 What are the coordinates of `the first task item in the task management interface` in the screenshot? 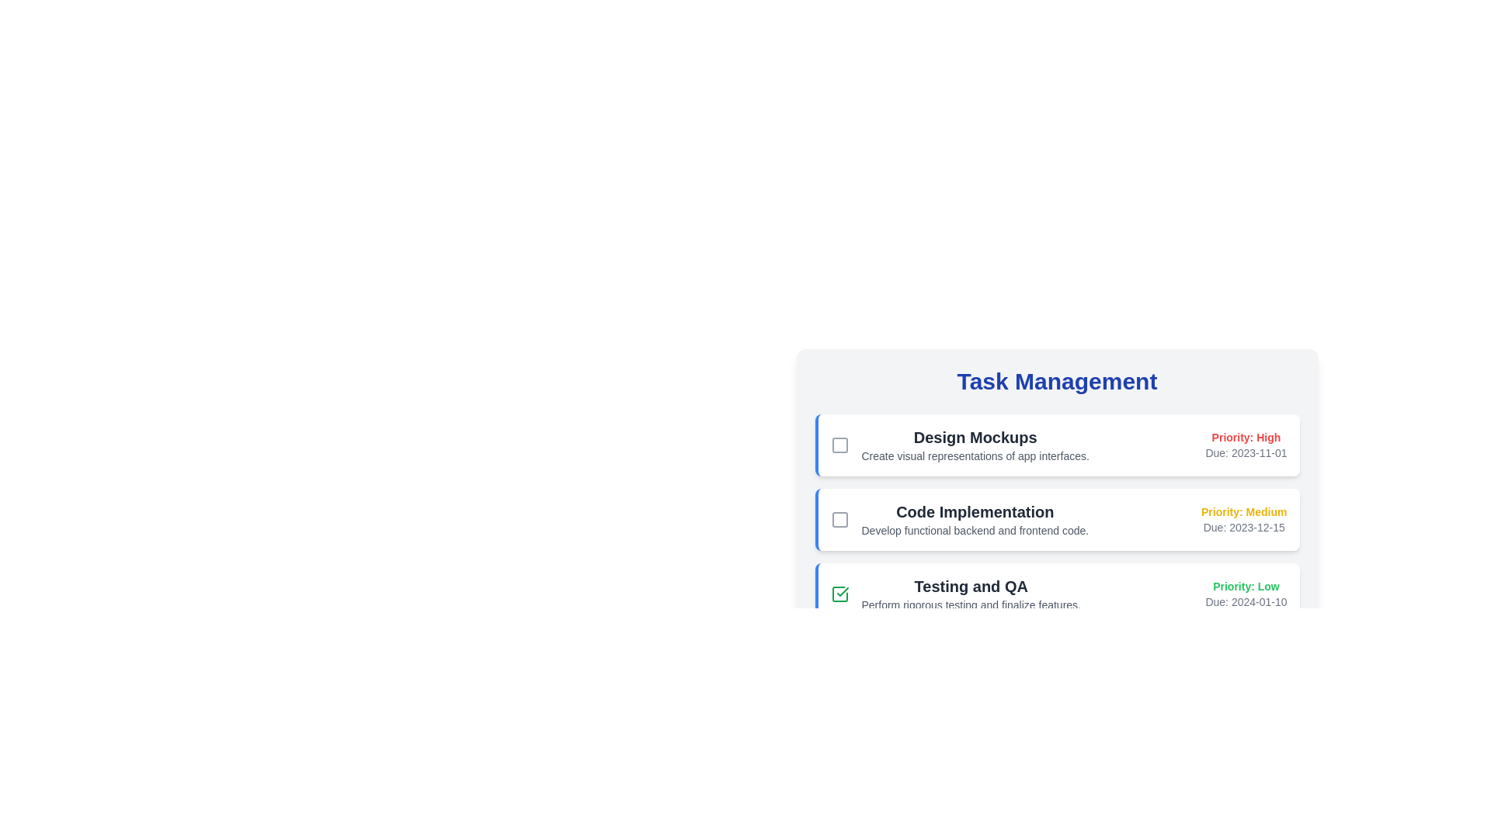 It's located at (1058, 445).